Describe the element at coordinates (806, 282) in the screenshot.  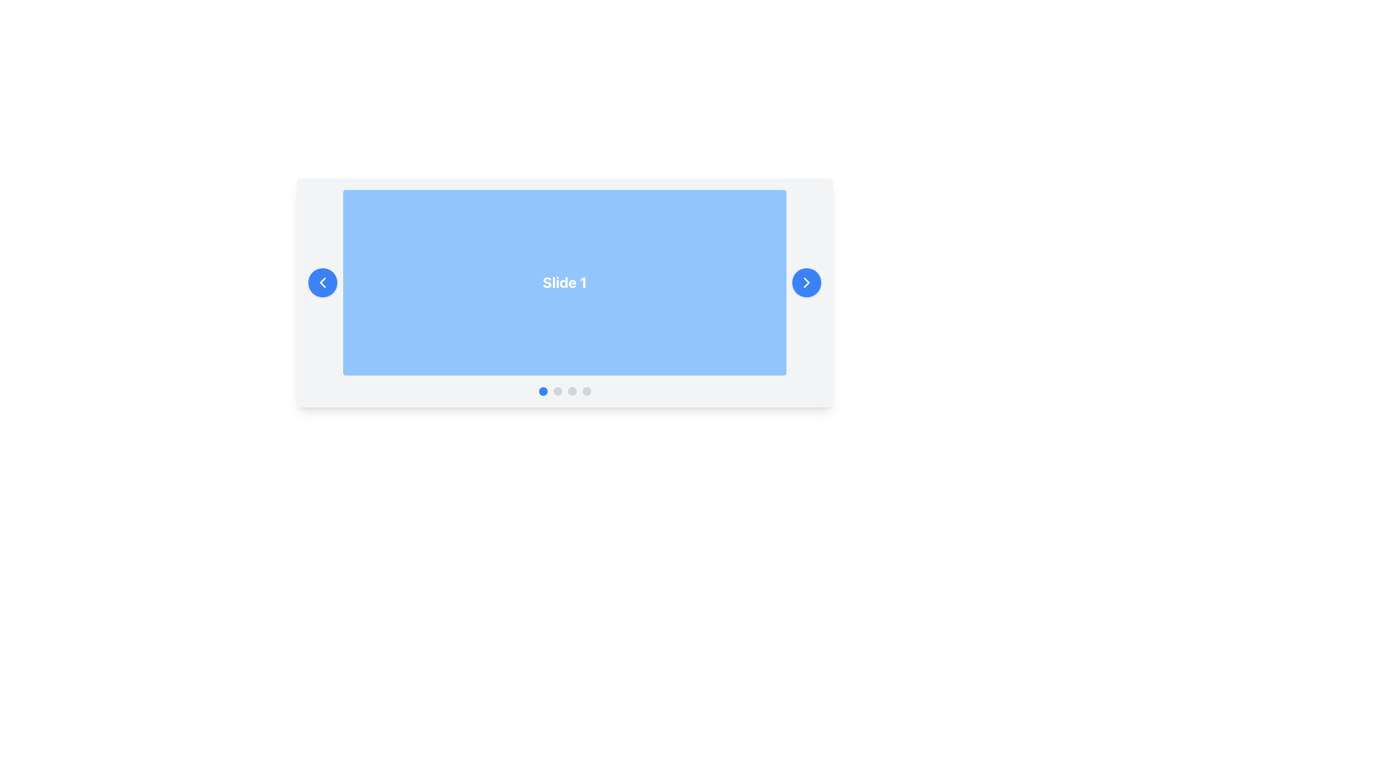
I see `the right-pointing navigational button located at the right edge of the sliding panel labeled 'Slide 1' to move to the next slide` at that location.